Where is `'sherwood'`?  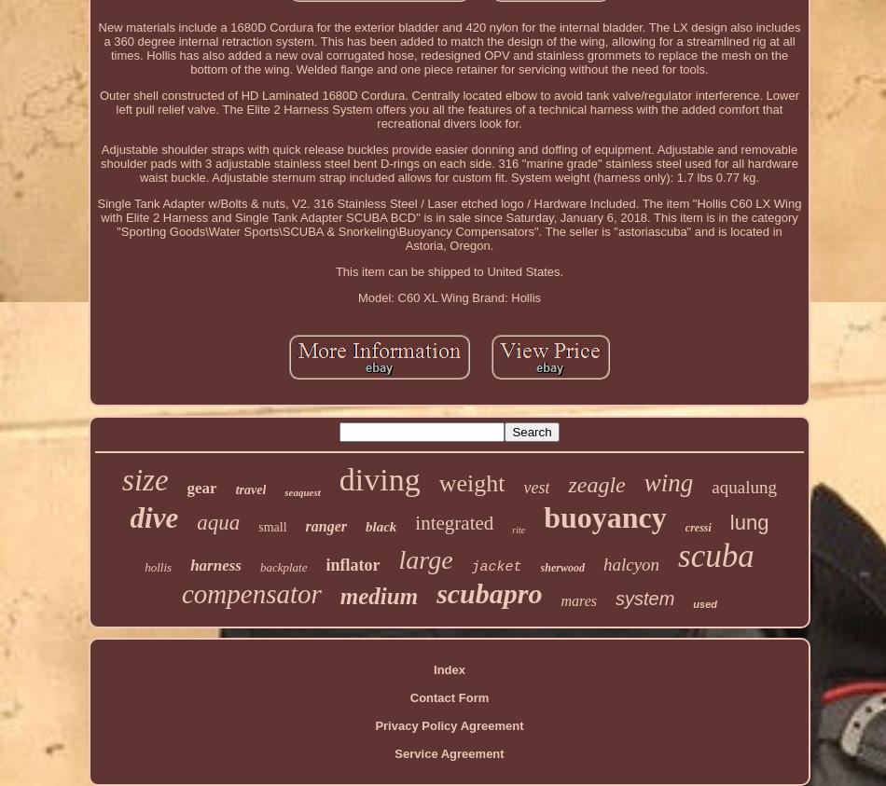 'sherwood' is located at coordinates (561, 566).